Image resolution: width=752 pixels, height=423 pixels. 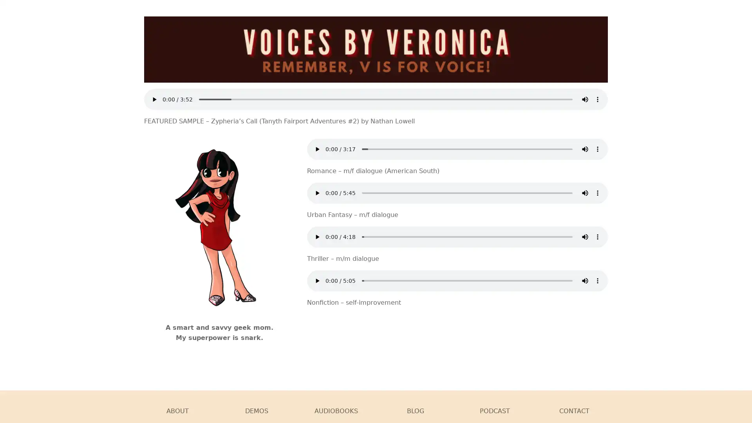 I want to click on mute, so click(x=585, y=149).